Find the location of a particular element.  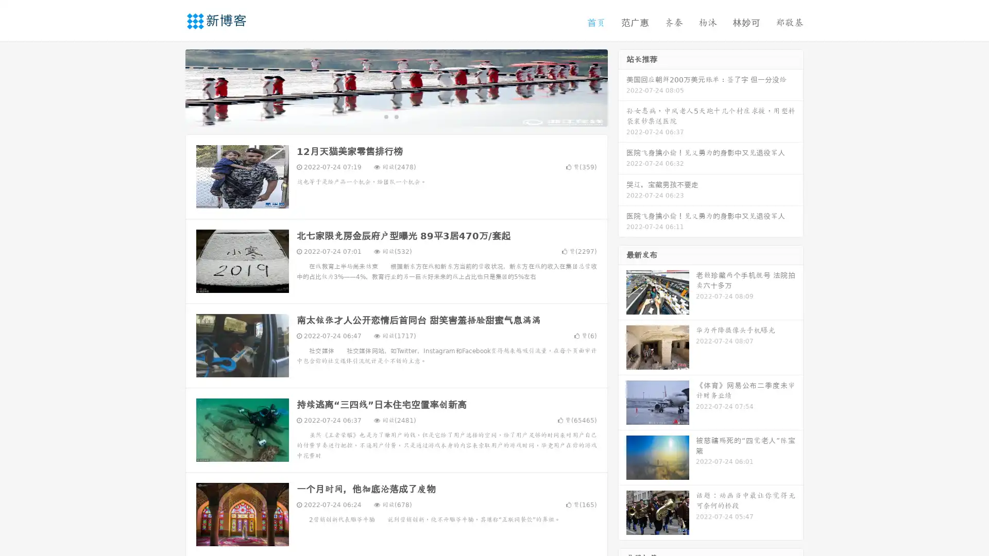

Go to slide 1 is located at coordinates (385, 116).